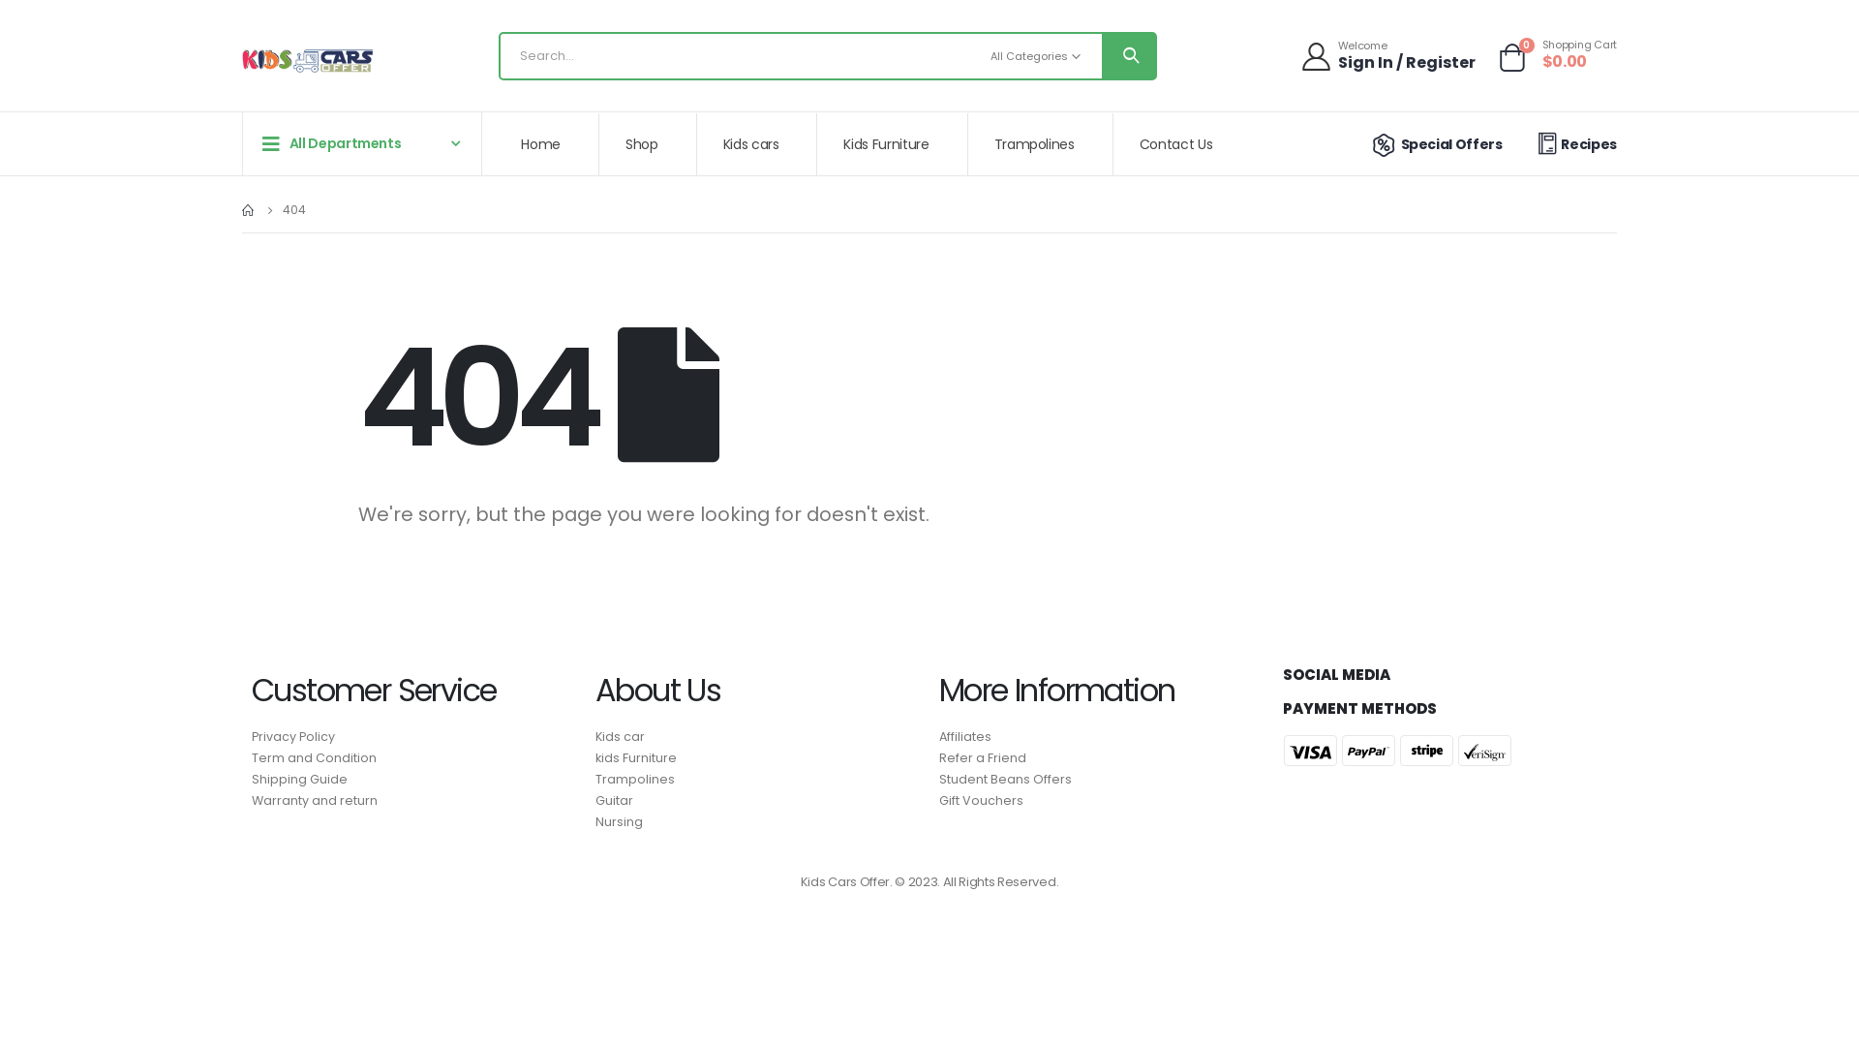 Image resolution: width=1859 pixels, height=1046 pixels. Describe the element at coordinates (594, 757) in the screenshot. I see `'kids Furniture'` at that location.